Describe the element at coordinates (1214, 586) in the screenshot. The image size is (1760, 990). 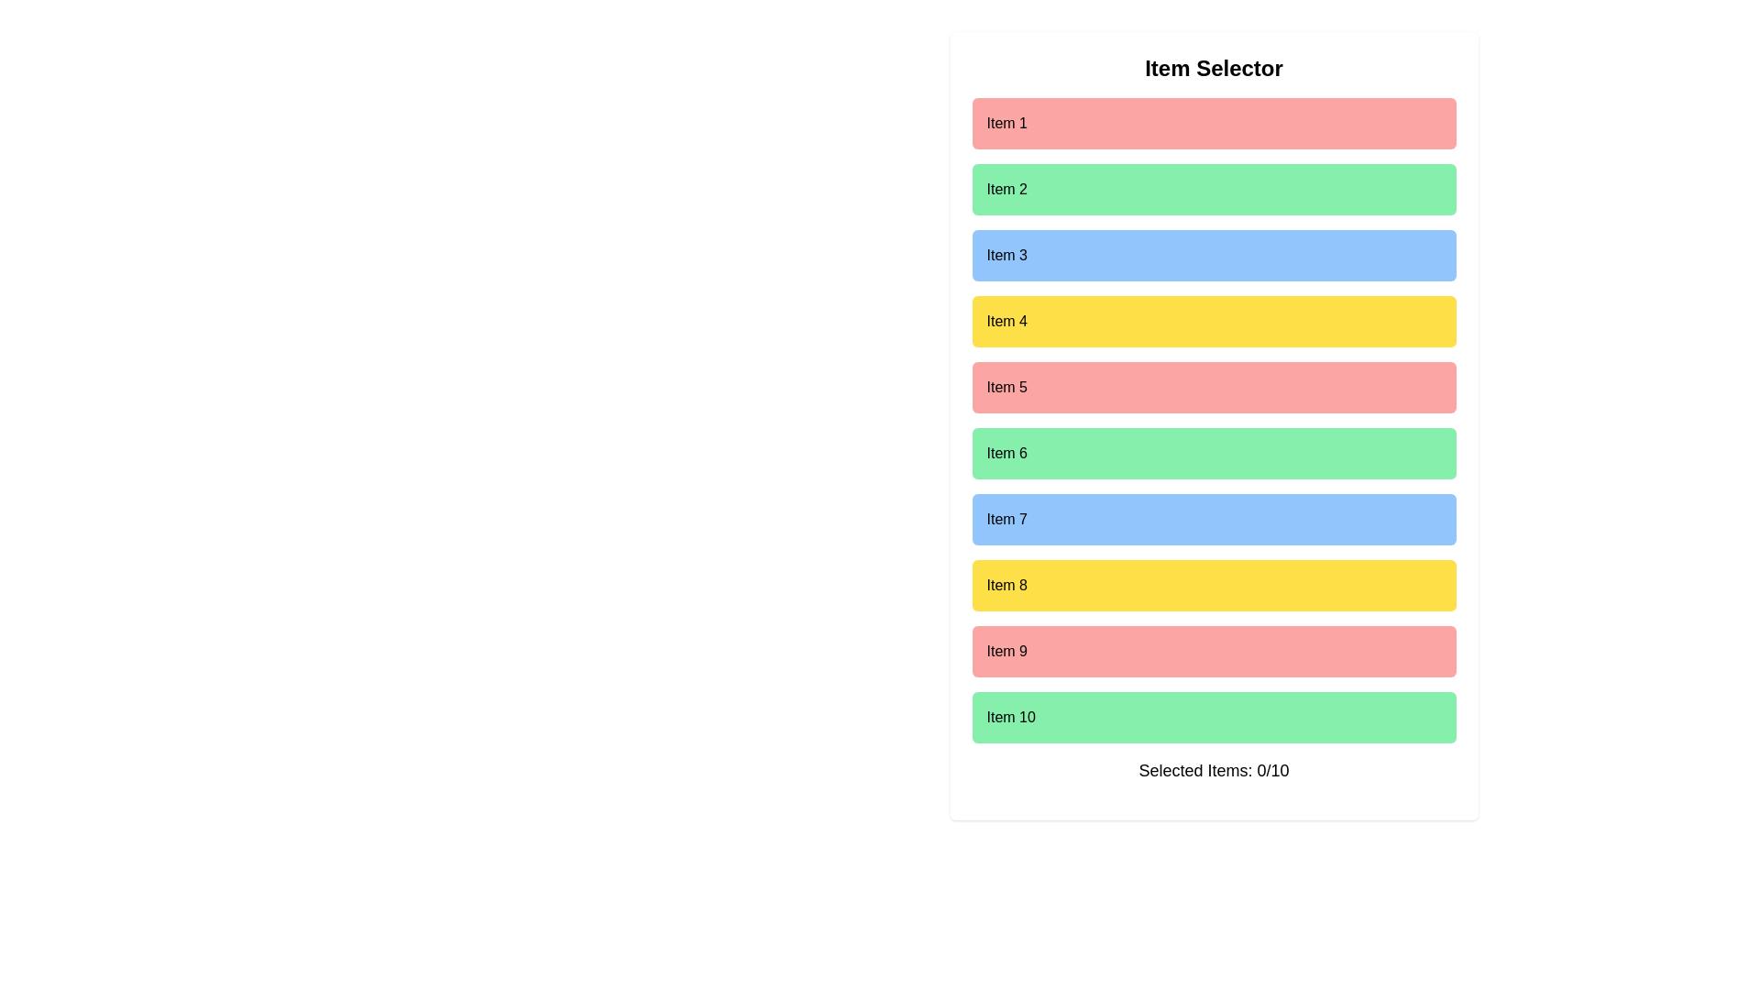
I see `the yellow button labeled 'Item 8'` at that location.